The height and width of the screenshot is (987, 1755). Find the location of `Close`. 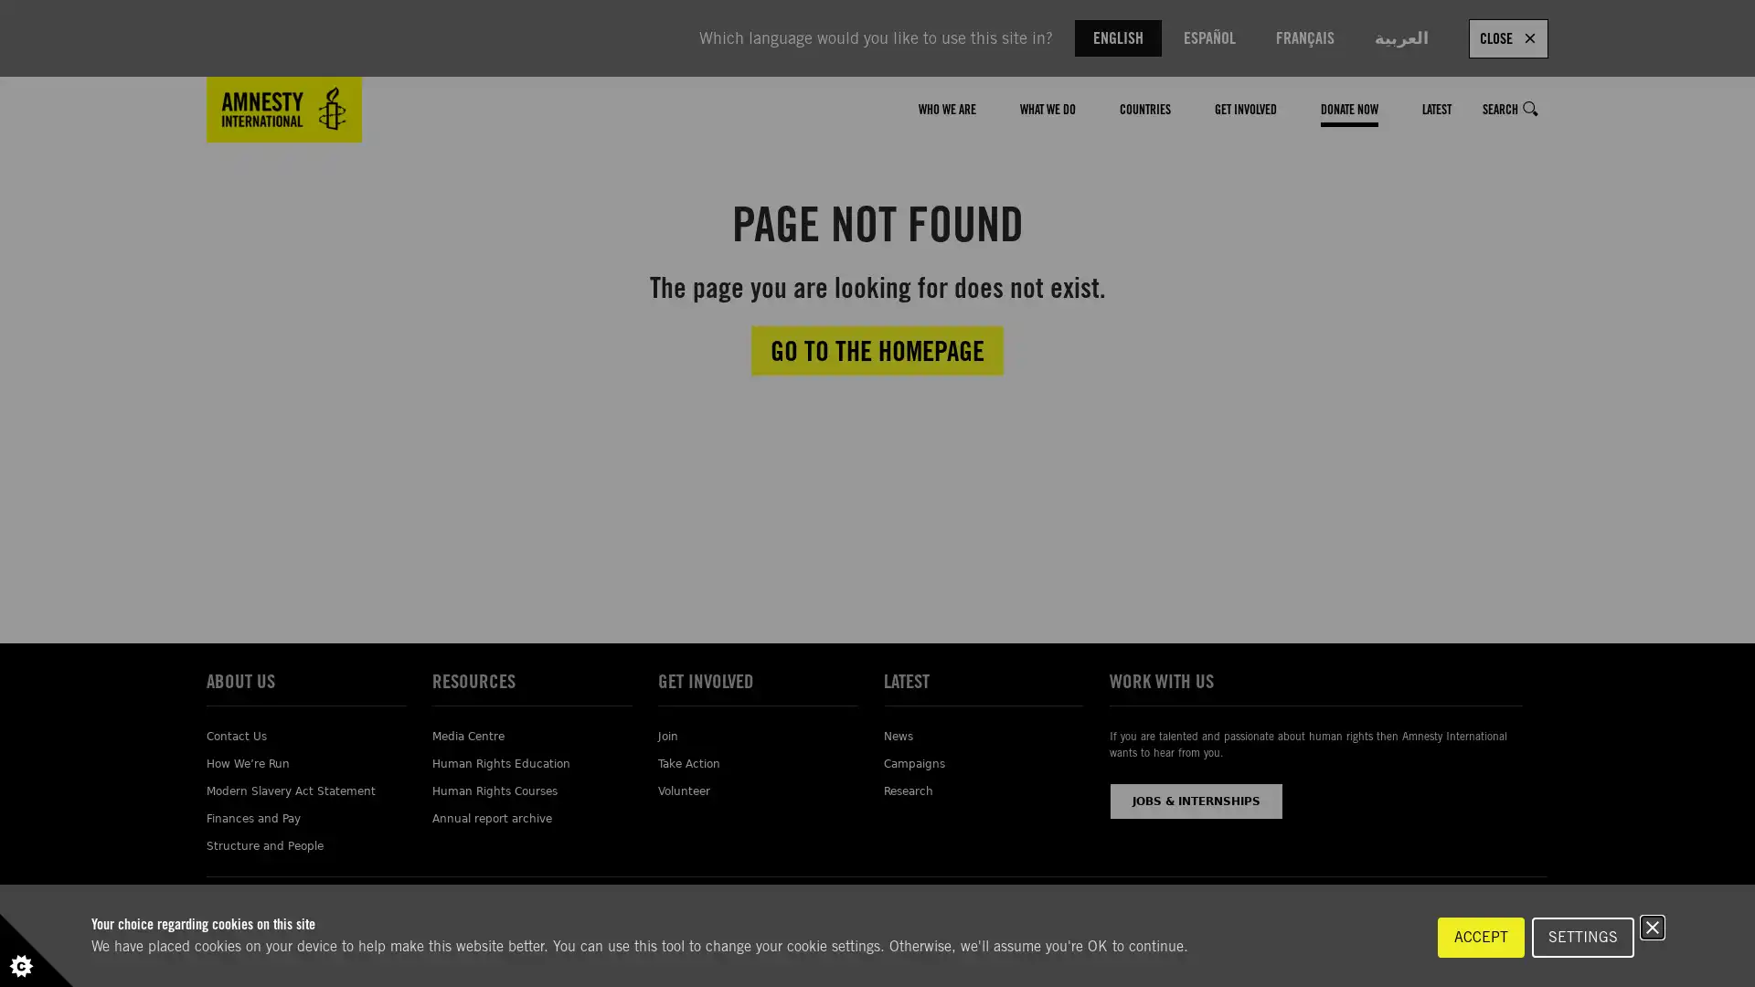

Close is located at coordinates (1653, 927).